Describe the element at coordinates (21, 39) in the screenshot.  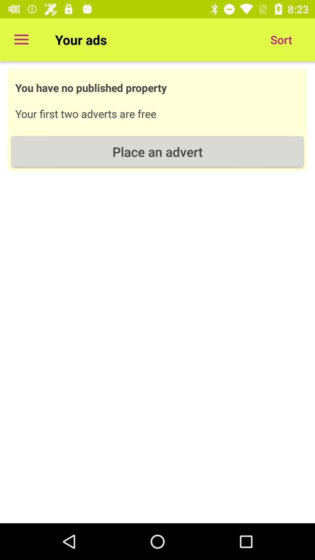
I see `the item to the left of your ads` at that location.